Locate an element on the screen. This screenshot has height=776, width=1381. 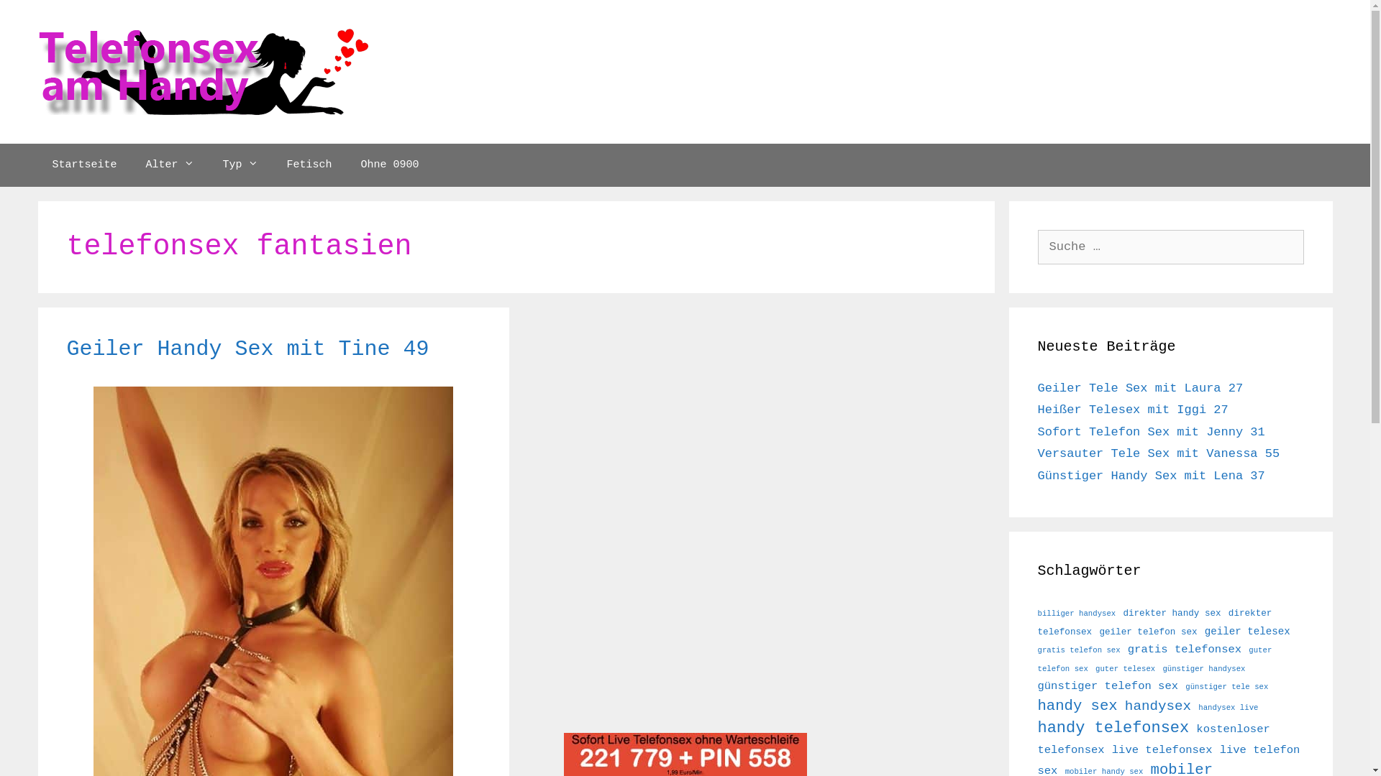
'gratis telefon sex' is located at coordinates (1078, 650).